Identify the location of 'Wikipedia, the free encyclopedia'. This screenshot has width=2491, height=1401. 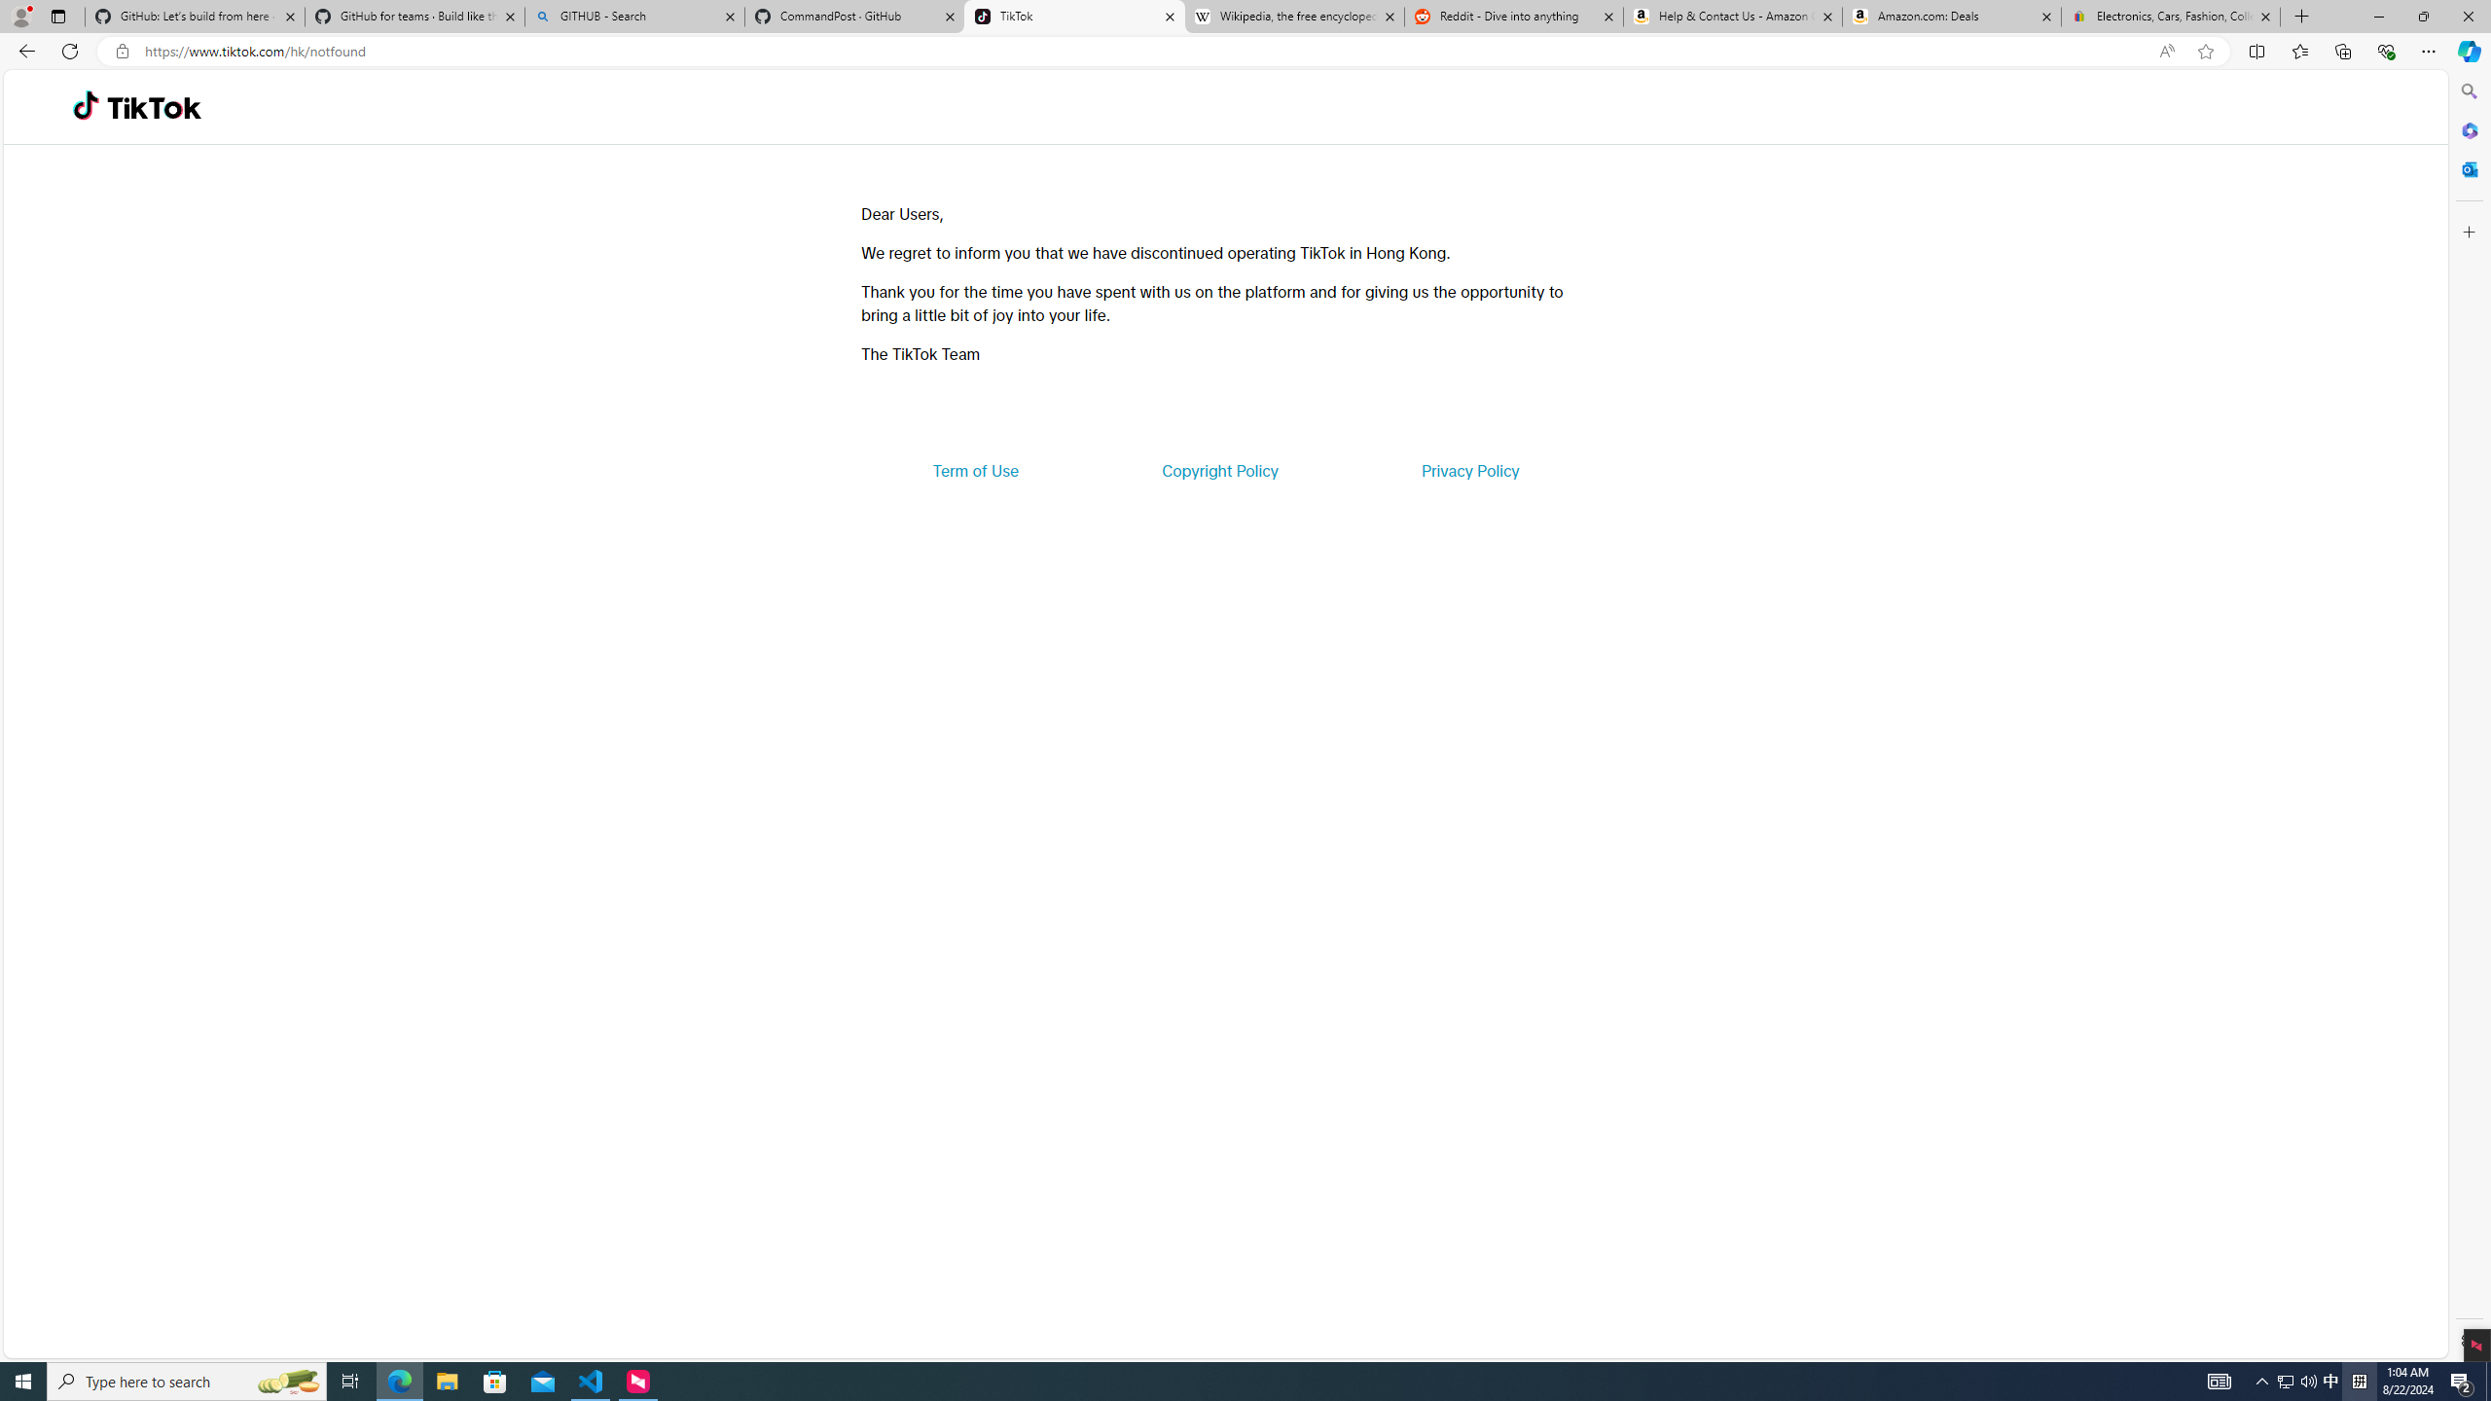
(1292, 16).